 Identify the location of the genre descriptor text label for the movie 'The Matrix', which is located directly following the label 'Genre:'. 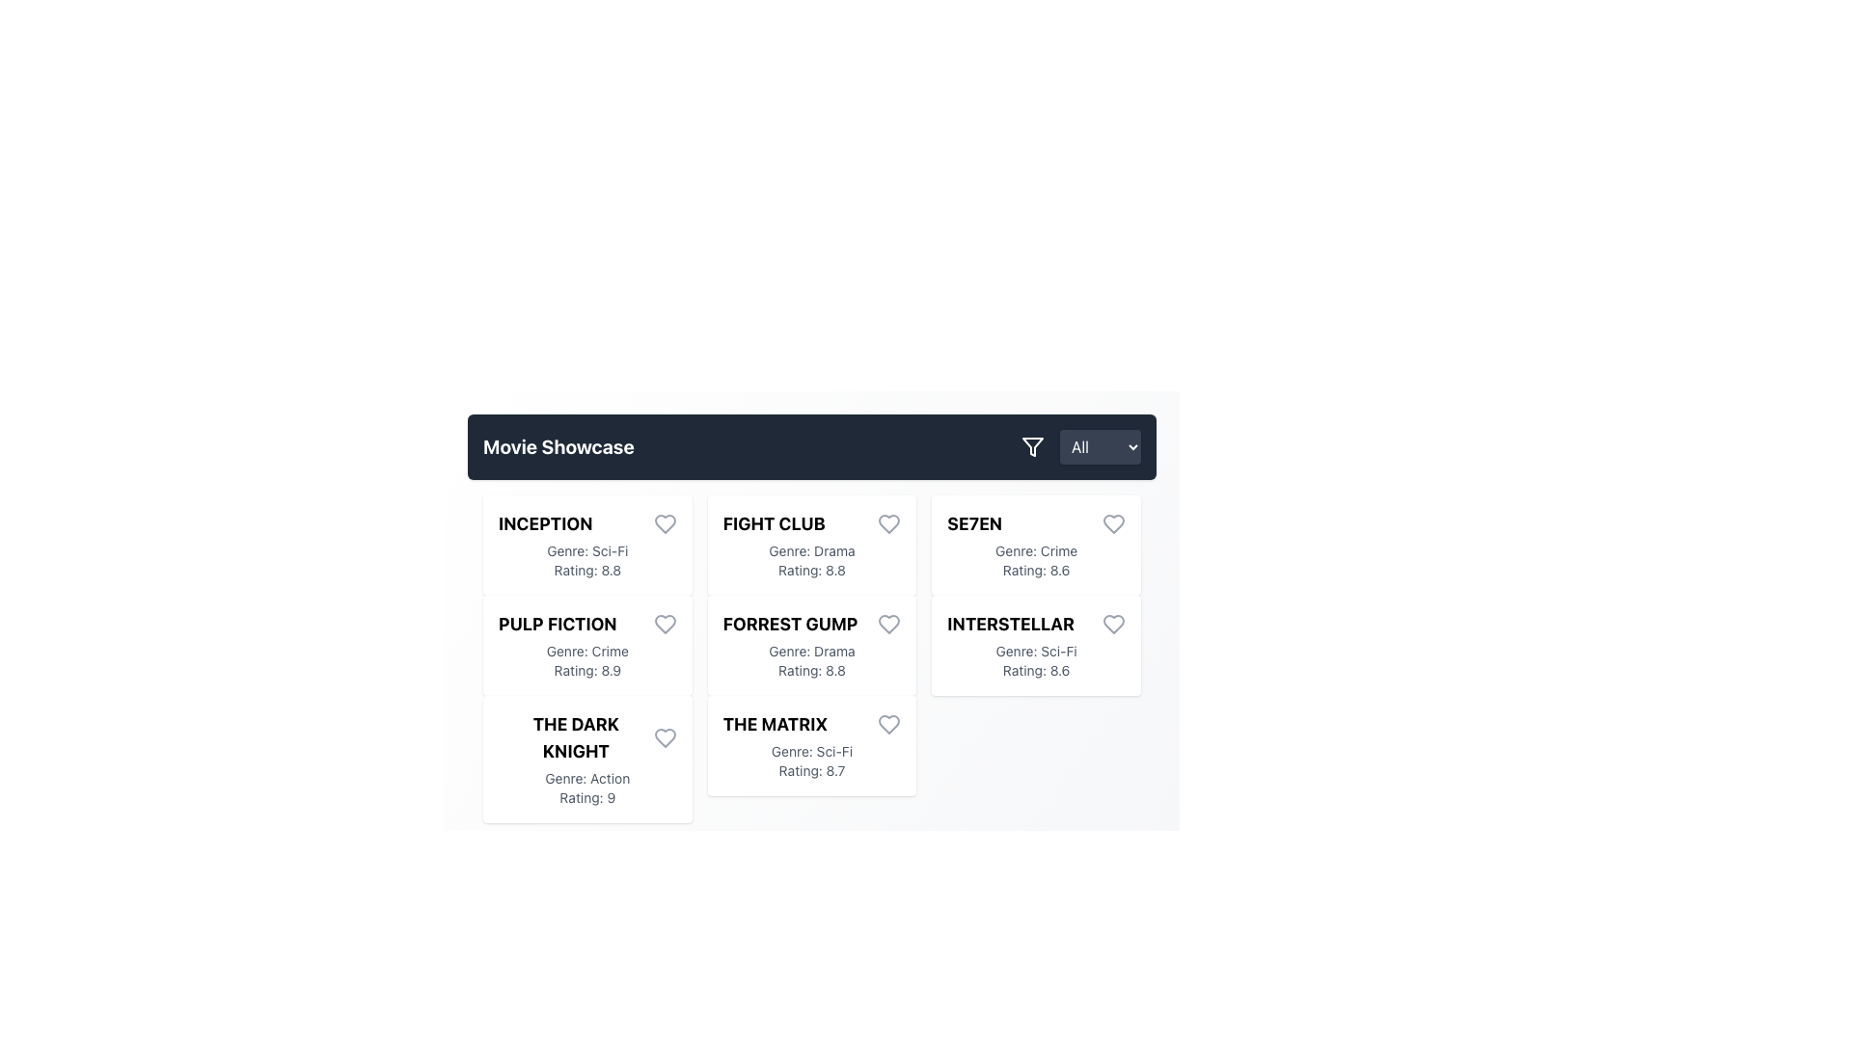
(834, 750).